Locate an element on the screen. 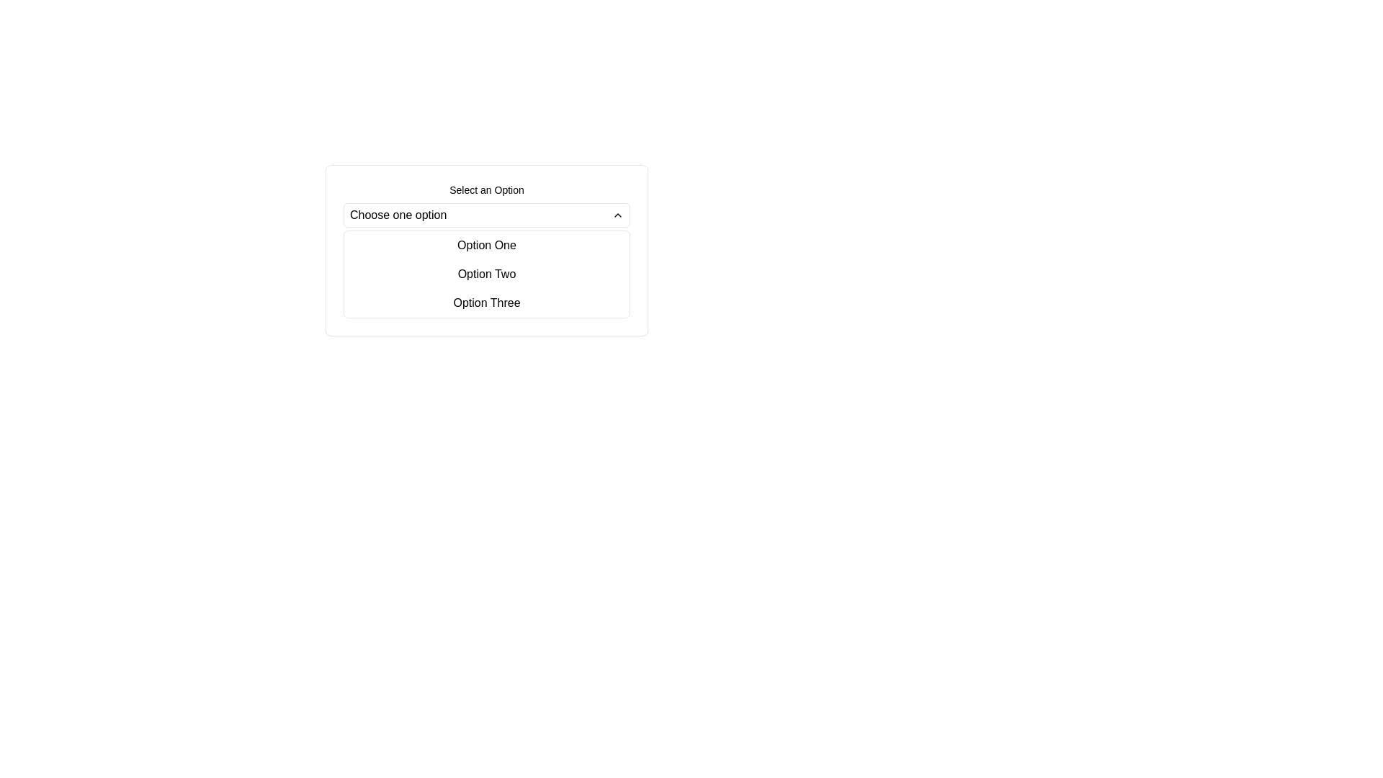 The height and width of the screenshot is (778, 1383). the third selectable option in the dropdown list located within a white rounded box, positioned directly below 'Option Two' is located at coordinates (487, 302).